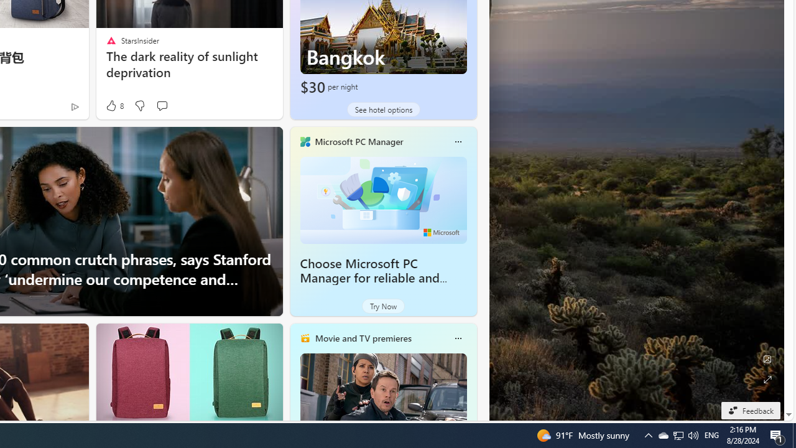 This screenshot has width=796, height=448. What do you see at coordinates (358, 141) in the screenshot?
I see `'Microsoft PC Manager'` at bounding box center [358, 141].